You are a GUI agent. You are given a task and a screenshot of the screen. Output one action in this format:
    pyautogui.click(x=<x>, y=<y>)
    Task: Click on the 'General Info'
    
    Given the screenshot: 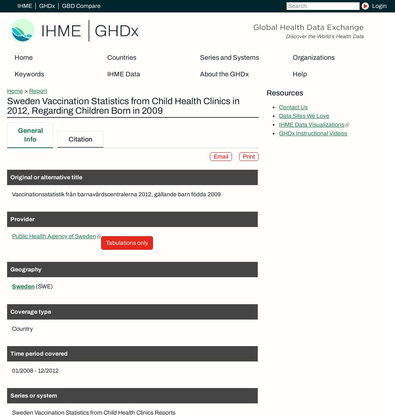 What is the action you would take?
    pyautogui.click(x=30, y=134)
    